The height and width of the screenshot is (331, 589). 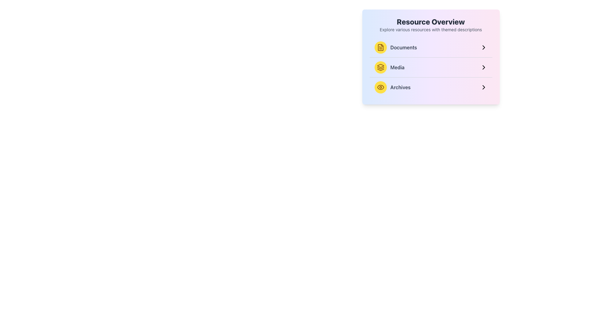 I want to click on the icon styled as stacked layers, which is located within a circular yellow button in the rightmost panel, so click(x=380, y=67).